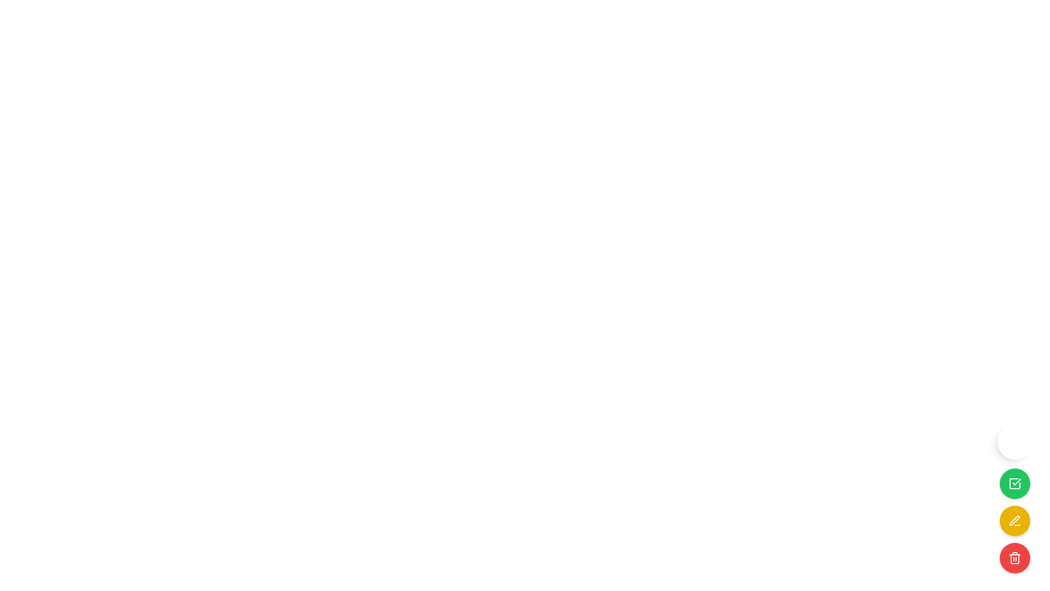 Image resolution: width=1050 pixels, height=591 pixels. What do you see at coordinates (1014, 558) in the screenshot?
I see `the white outlined trash bin icon within the red circular button located at the bottom of the vertical stack of buttons` at bounding box center [1014, 558].